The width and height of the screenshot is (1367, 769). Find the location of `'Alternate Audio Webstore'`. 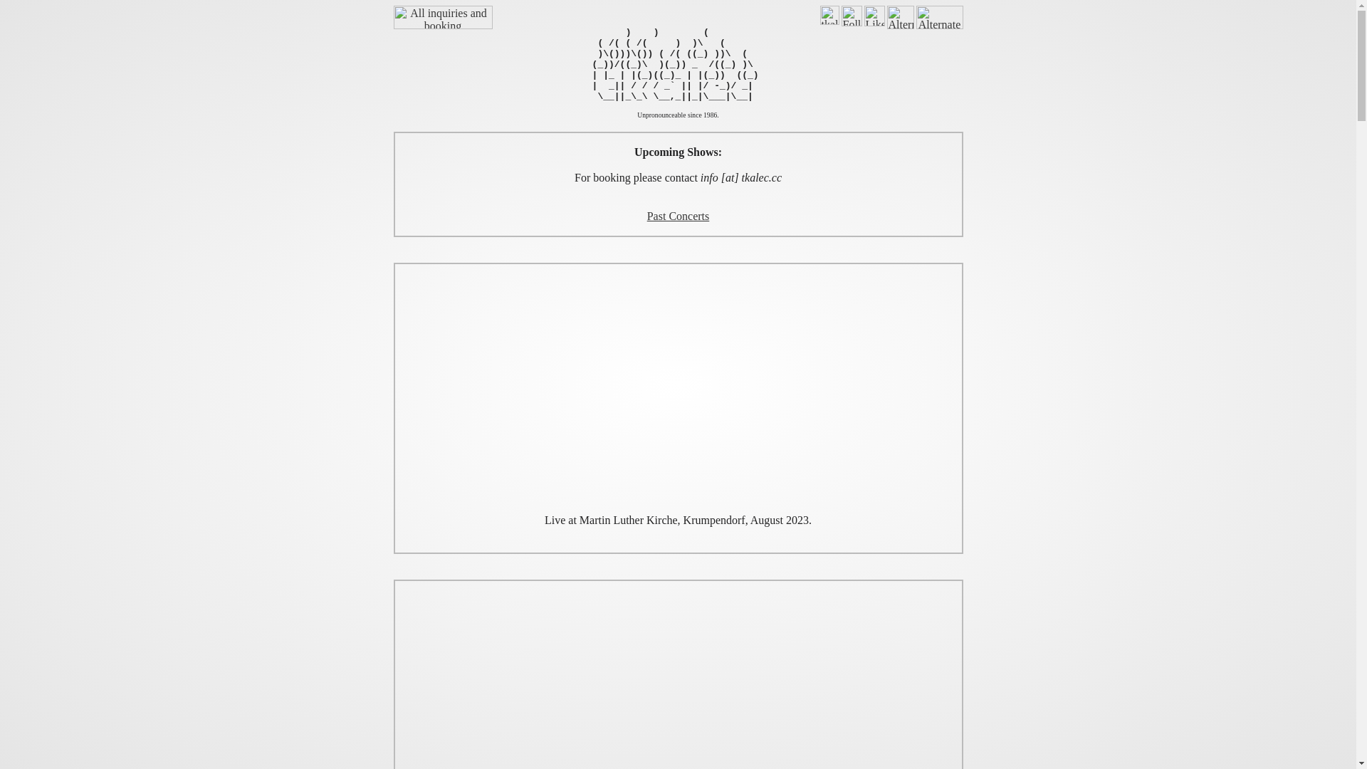

'Alternate Audio Webstore' is located at coordinates (939, 17).